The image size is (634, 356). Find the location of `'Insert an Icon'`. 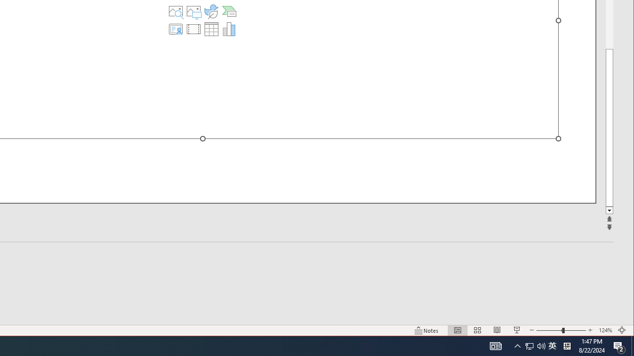

'Insert an Icon' is located at coordinates (211, 11).